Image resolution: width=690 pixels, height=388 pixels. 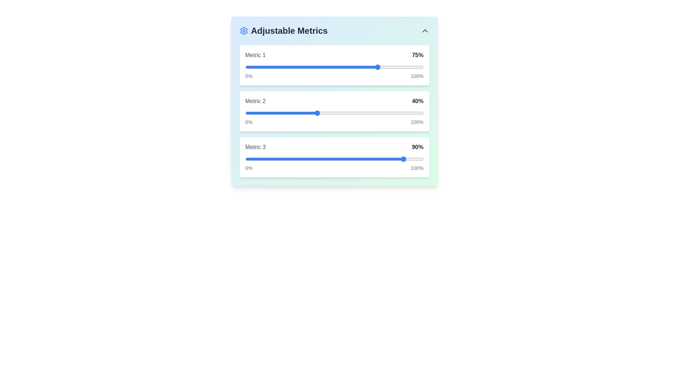 I want to click on the Metric 2 slider, so click(x=364, y=113).